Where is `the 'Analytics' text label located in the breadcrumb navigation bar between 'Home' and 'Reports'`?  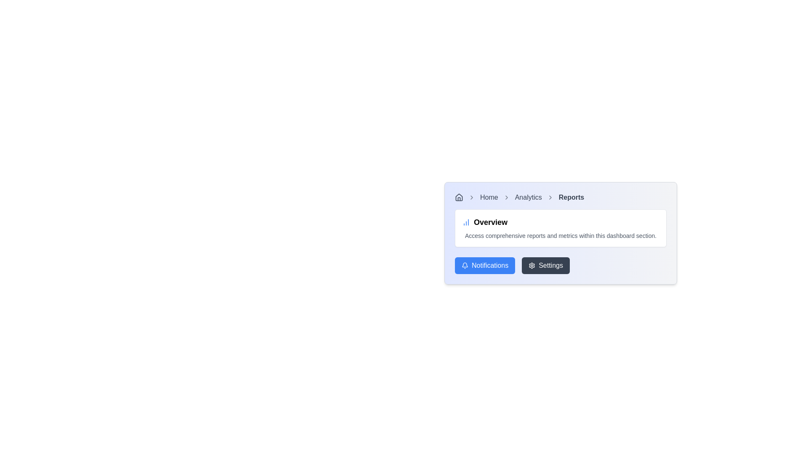 the 'Analytics' text label located in the breadcrumb navigation bar between 'Home' and 'Reports' is located at coordinates (528, 198).